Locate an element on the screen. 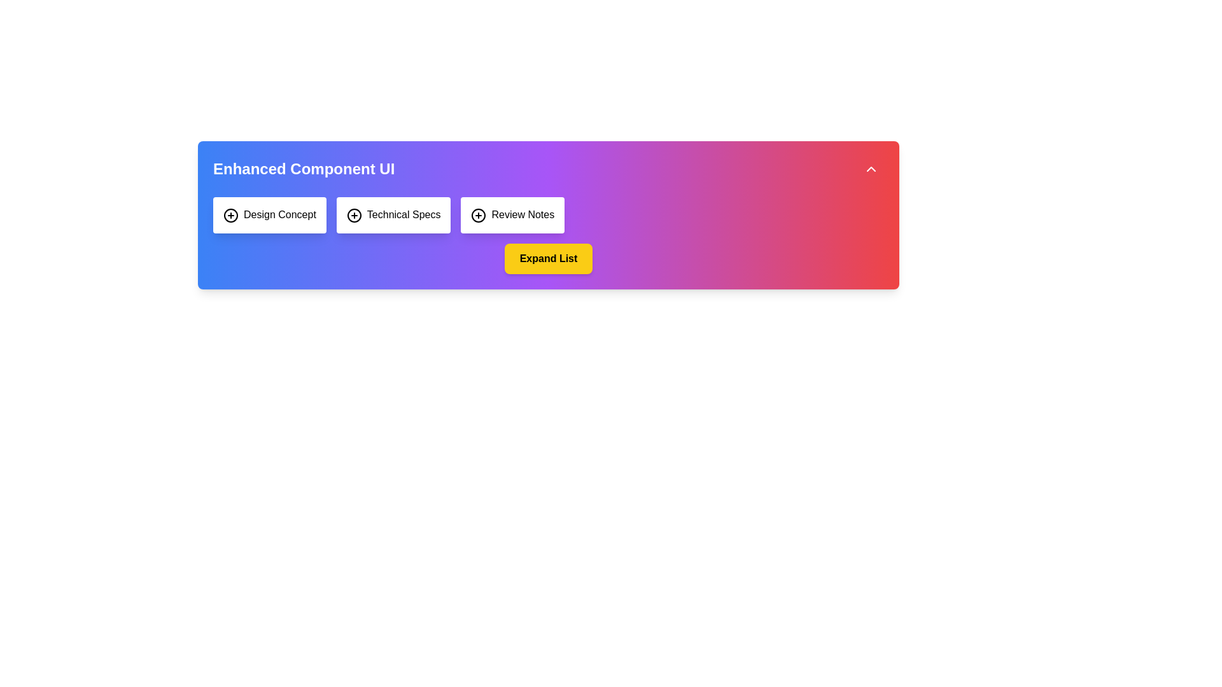  the circular plus icon on the 'Review Notes' button, which serves as a visual indicator for expanding content is located at coordinates (478, 214).